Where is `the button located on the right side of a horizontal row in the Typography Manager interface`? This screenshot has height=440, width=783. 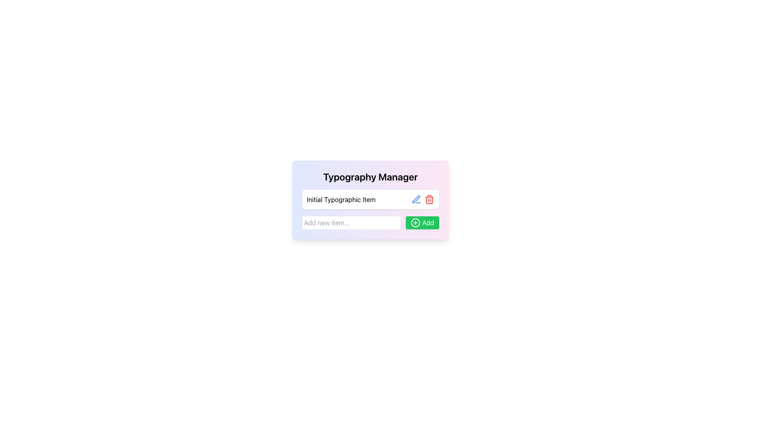
the button located on the right side of a horizontal row in the Typography Manager interface is located at coordinates (422, 223).